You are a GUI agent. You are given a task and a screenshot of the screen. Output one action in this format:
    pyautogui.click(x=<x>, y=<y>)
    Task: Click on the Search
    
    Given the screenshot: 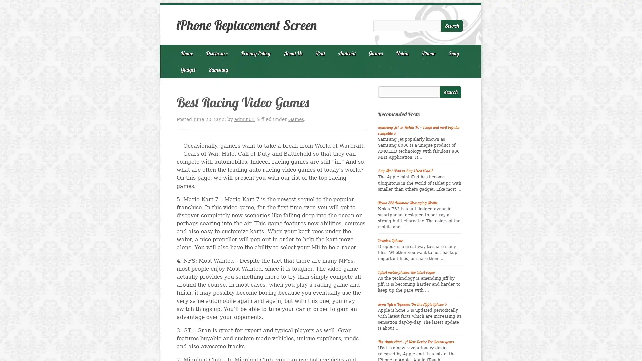 What is the action you would take?
    pyautogui.click(x=452, y=25)
    